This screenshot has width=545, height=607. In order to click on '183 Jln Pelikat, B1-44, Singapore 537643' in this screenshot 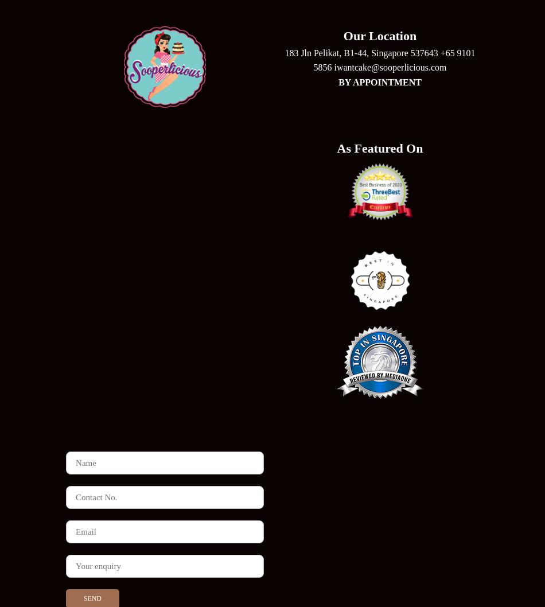, I will do `click(362, 52)`.